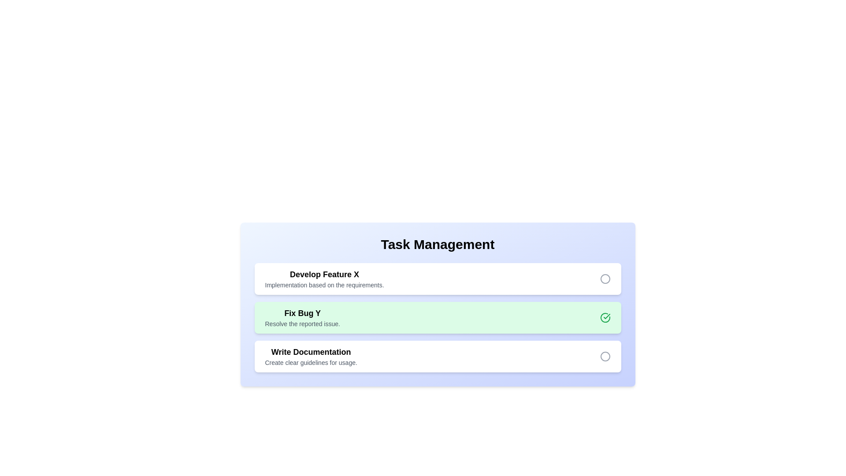  I want to click on the task completion icon of the task titled 'Fix Bug Y' to toggle its completion status, so click(605, 318).